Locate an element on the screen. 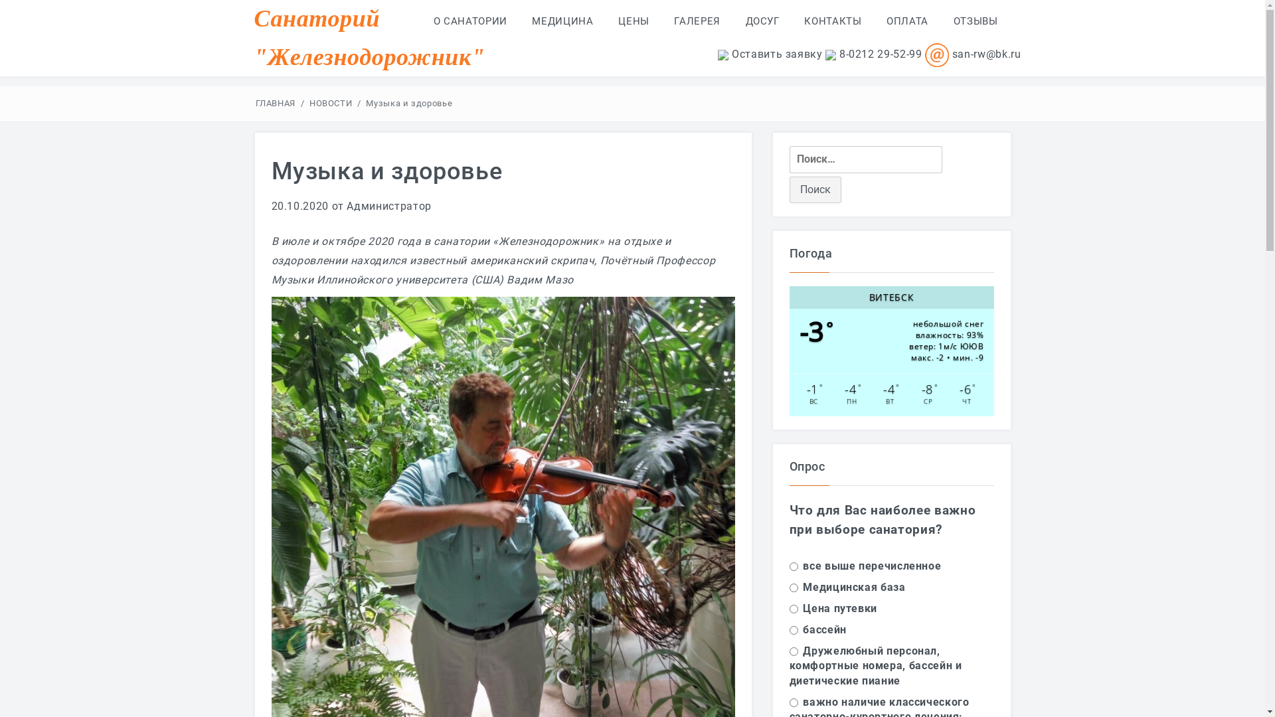  '20.10.2020' is located at coordinates (299, 206).